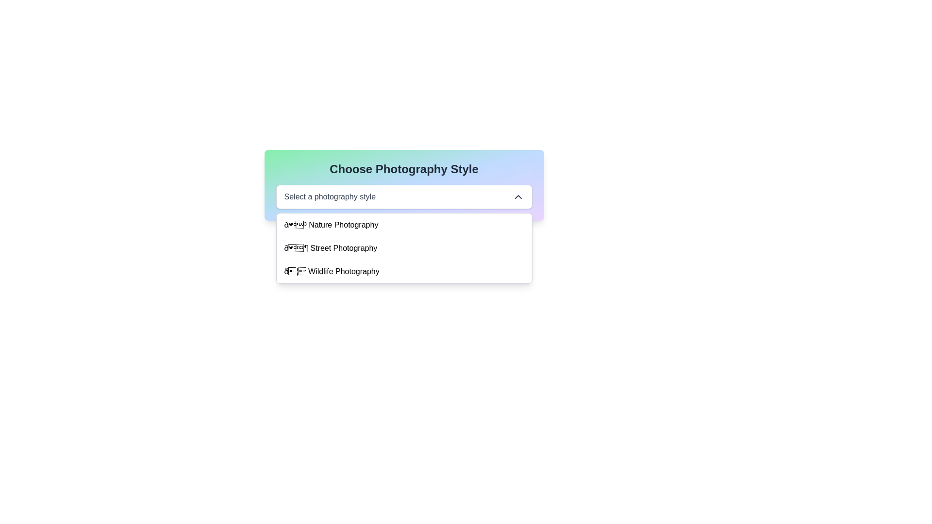  Describe the element at coordinates (404, 248) in the screenshot. I see `the 'Street Photography' option in the dropdown menu located below 'Nature Photography' and above 'Wildlife Photography'` at that location.